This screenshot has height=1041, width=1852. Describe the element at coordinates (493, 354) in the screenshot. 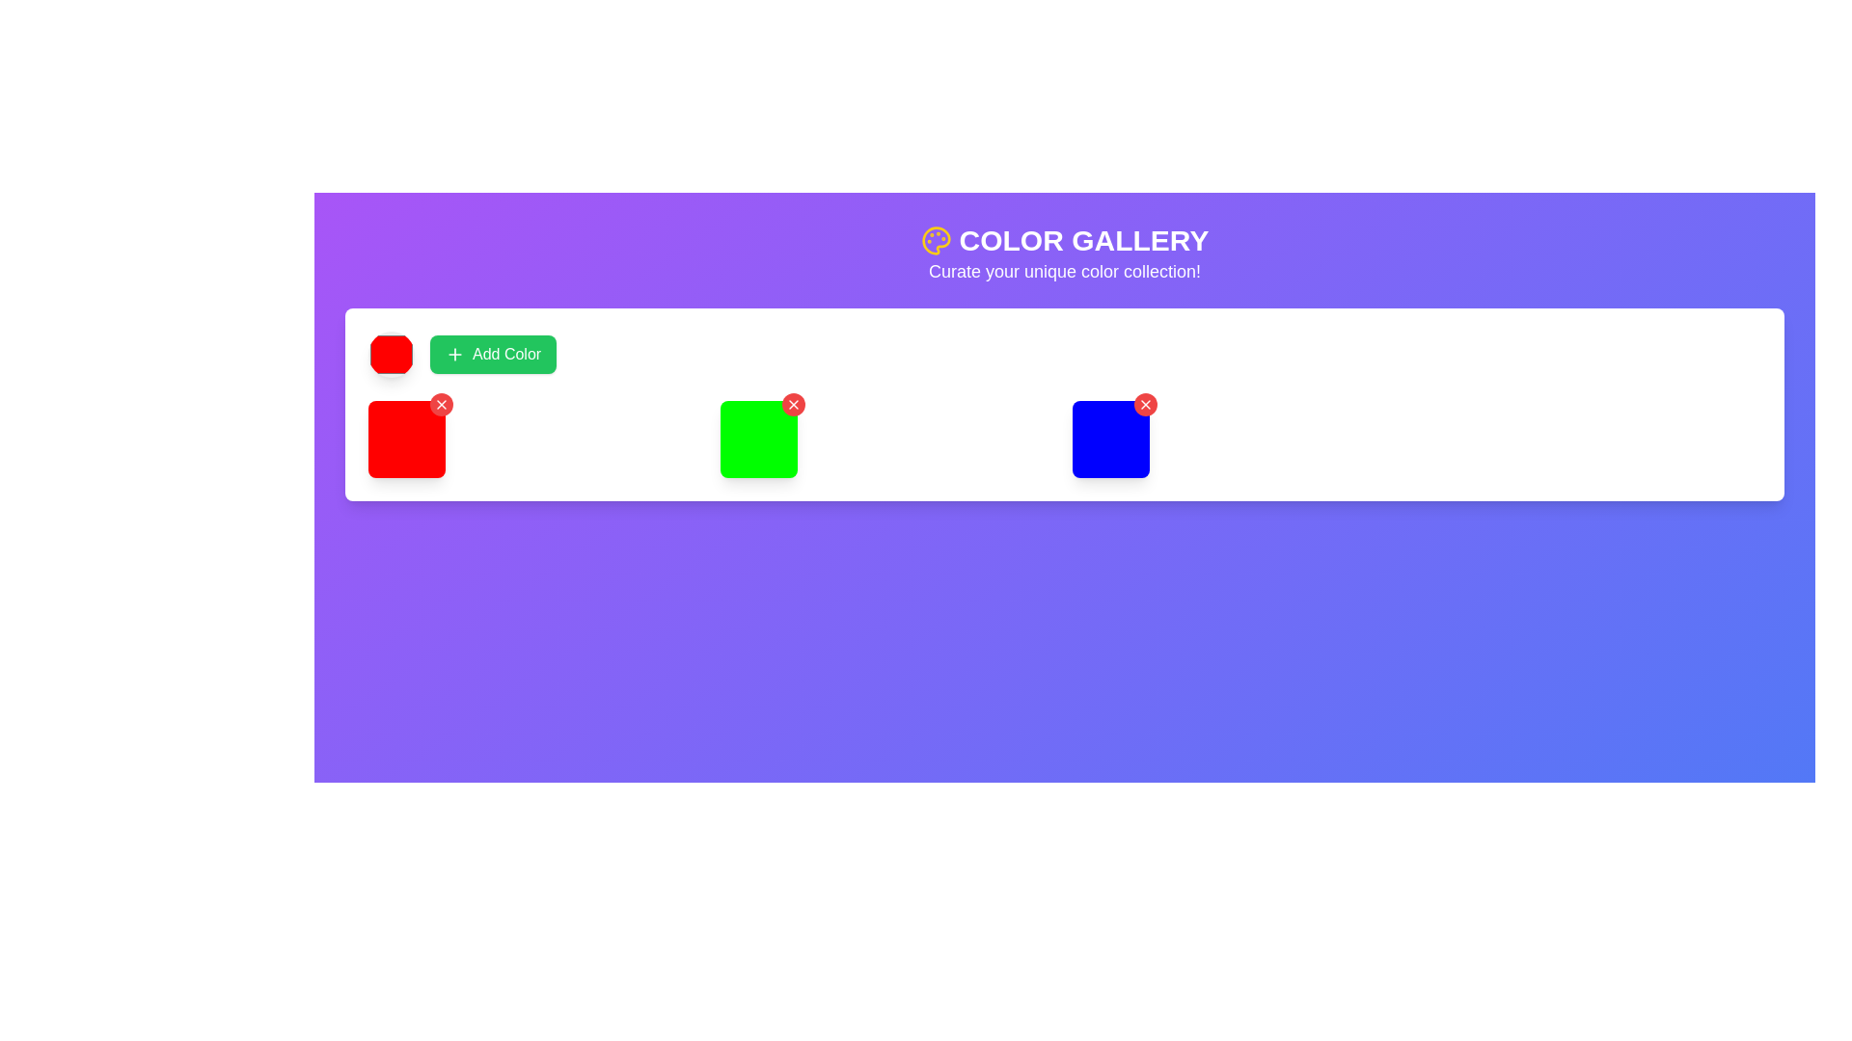

I see `the 'Add Color' button, which is a pill-shaped green button with white text and a '+' icon on the left, to observe the hover effect that changes its background color to a lighter green` at that location.